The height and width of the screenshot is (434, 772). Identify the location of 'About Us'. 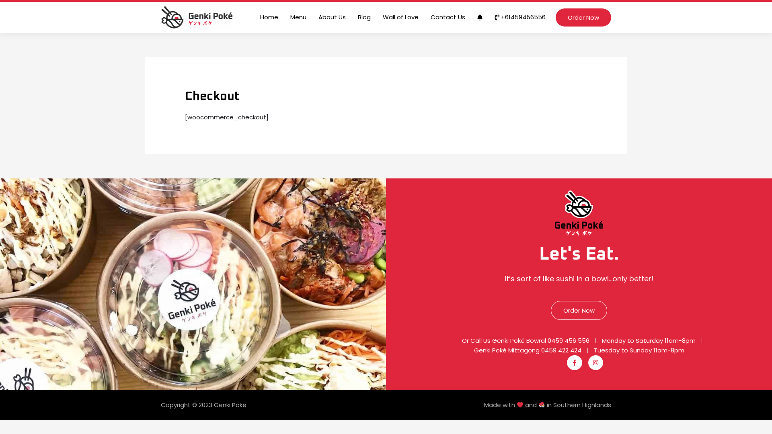
(332, 17).